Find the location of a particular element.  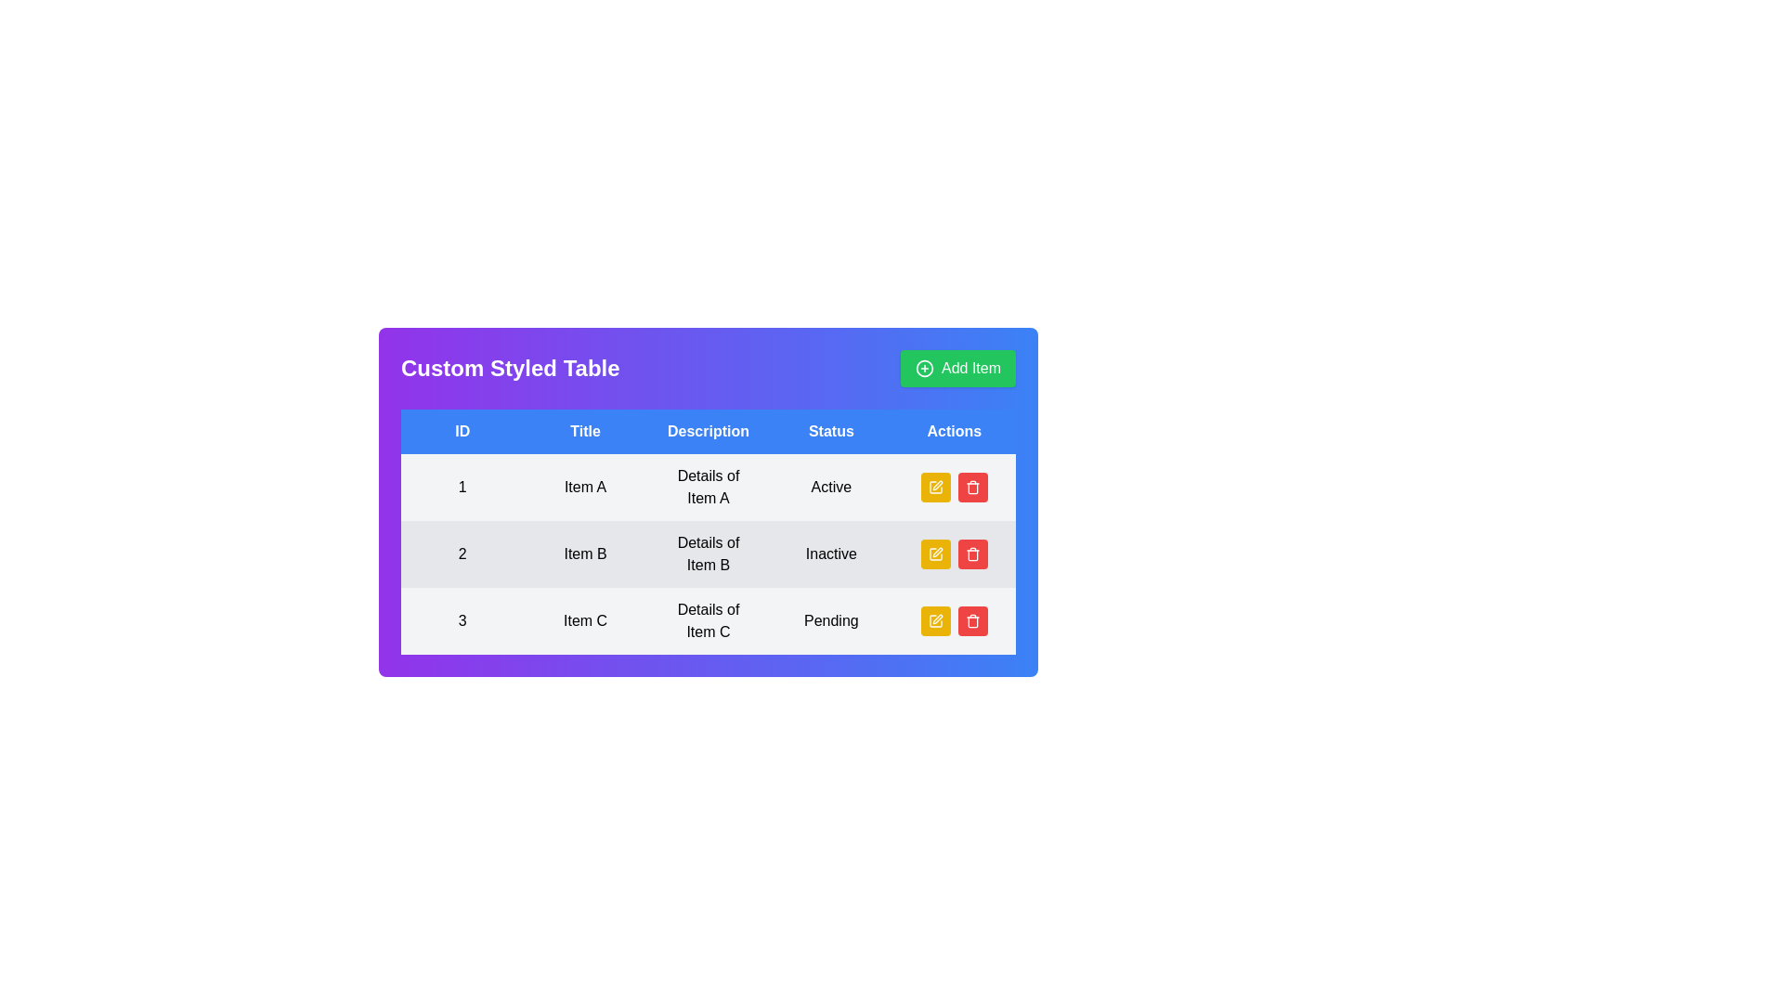

the deletion button located in the 'Actions' column of the table to change its background color is located at coordinates (971, 486).